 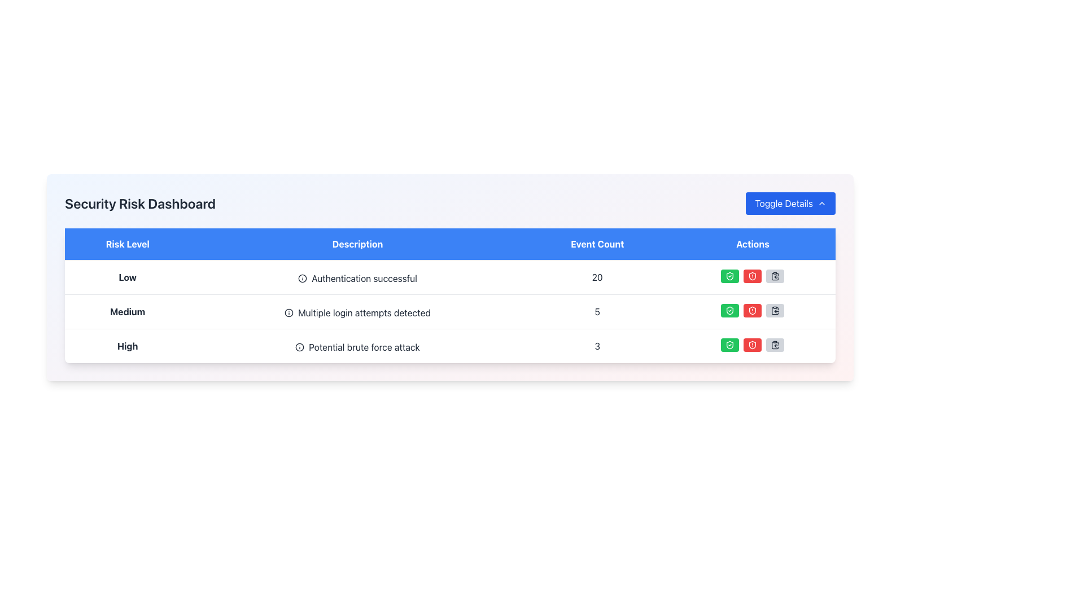 I want to click on the information icon (SVG Circle) in the row labeled 'Medium' within the 'Description' column, which indicates multiple login attempts detected, so click(x=289, y=313).